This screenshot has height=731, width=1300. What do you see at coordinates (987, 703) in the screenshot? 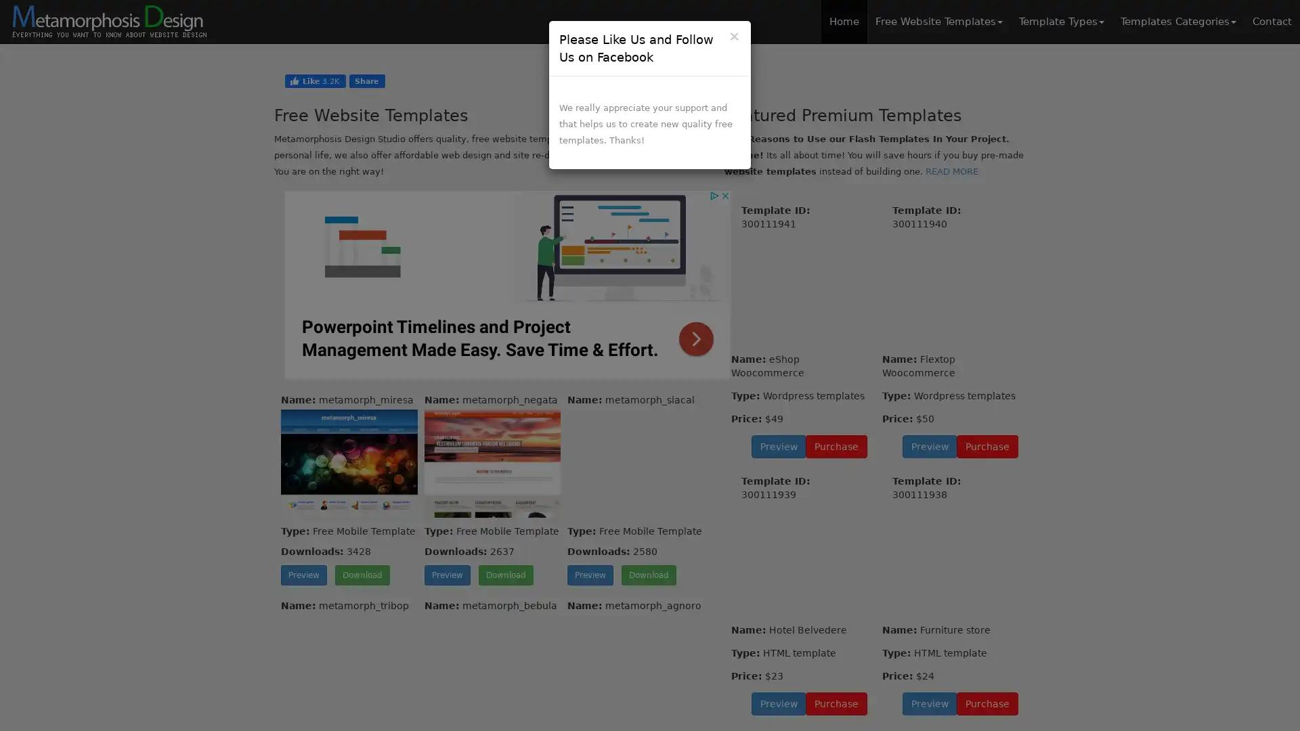
I see `Purchase` at bounding box center [987, 703].